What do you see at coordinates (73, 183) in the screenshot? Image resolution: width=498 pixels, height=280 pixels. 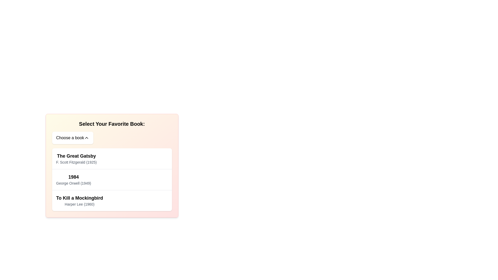 I see `the static text label displaying 'George Orwell (1949)' which is located below the bold title '1984' in the second entry of the book list` at bounding box center [73, 183].